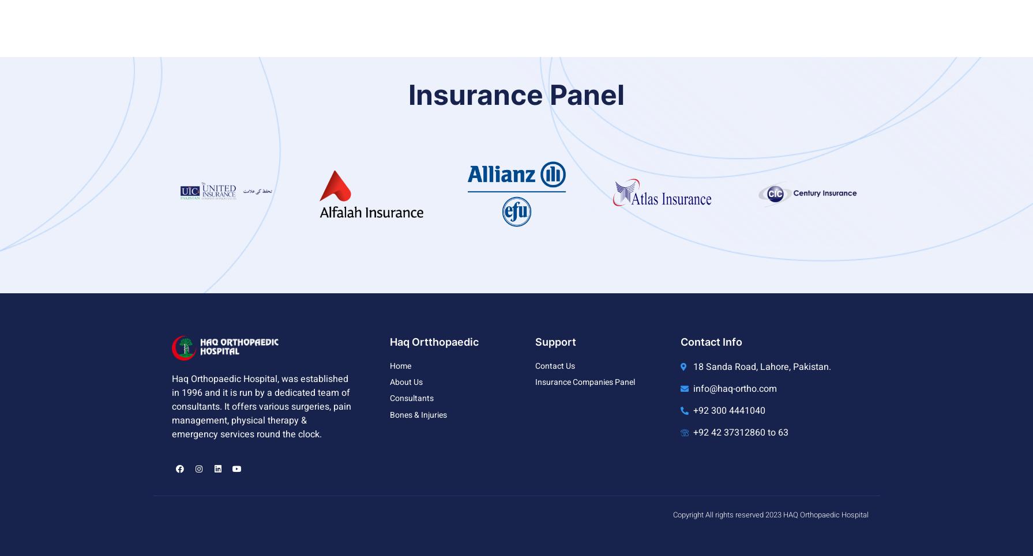  I want to click on '+92 42 37312860 to 63', so click(740, 431).